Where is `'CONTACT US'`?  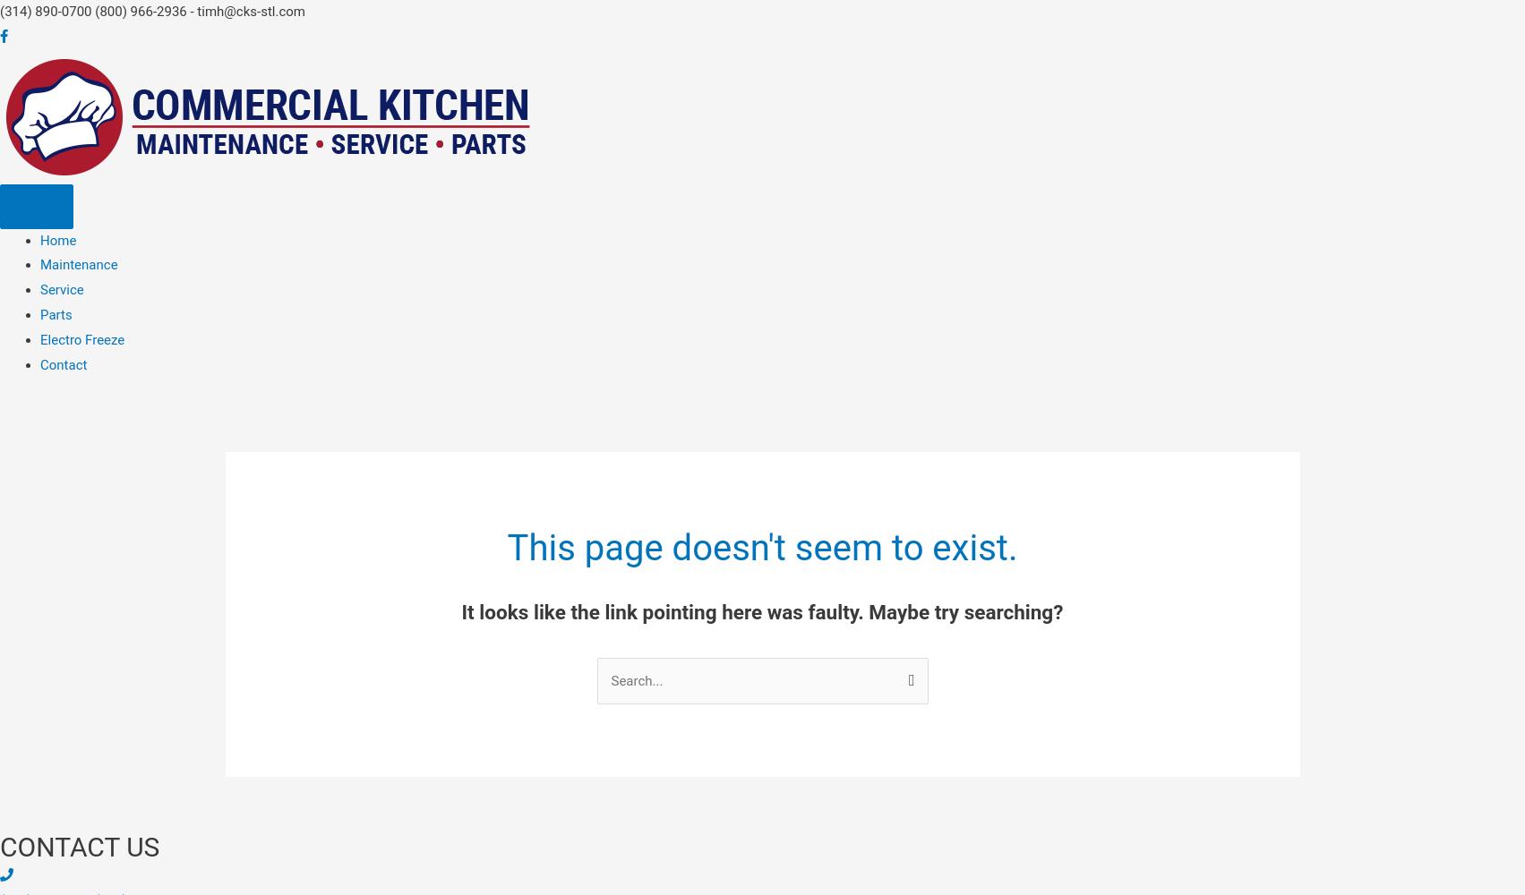 'CONTACT US' is located at coordinates (0, 845).